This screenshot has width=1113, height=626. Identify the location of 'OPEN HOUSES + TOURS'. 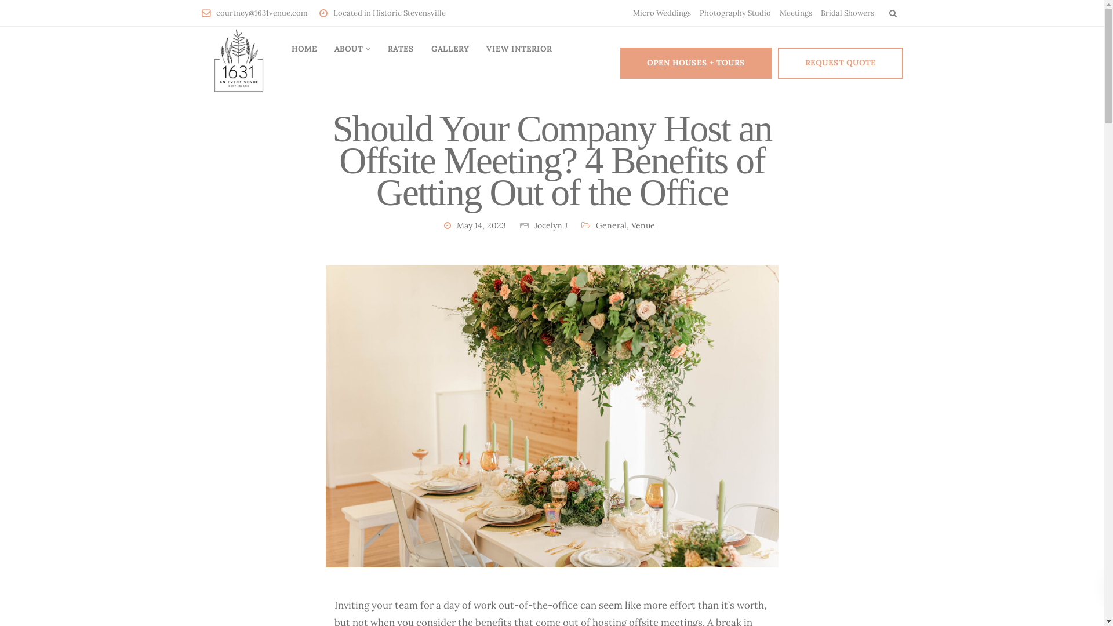
(695, 63).